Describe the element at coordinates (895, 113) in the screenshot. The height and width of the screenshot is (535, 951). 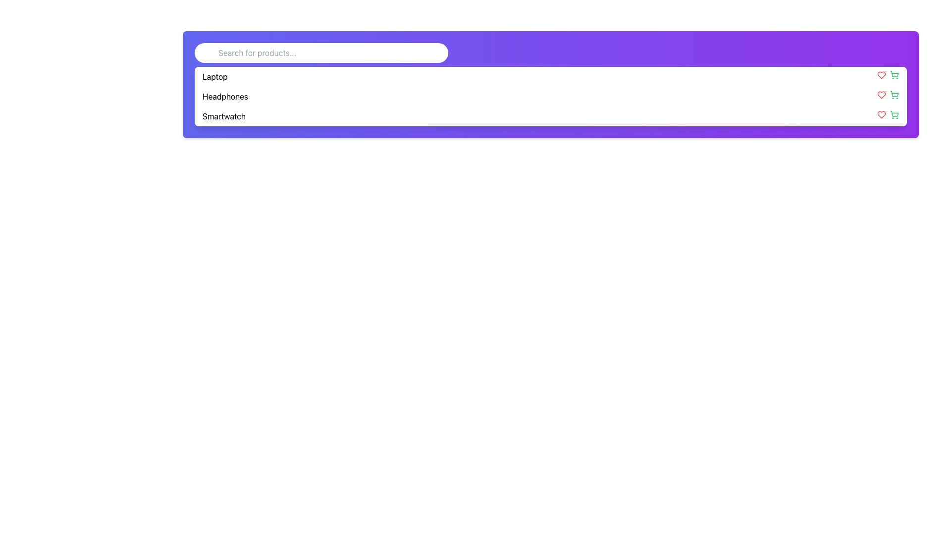
I see `the outer shape of the shopping cart icon located on the far-right side of the row associated with the 'Smartwatch' item in the product list` at that location.